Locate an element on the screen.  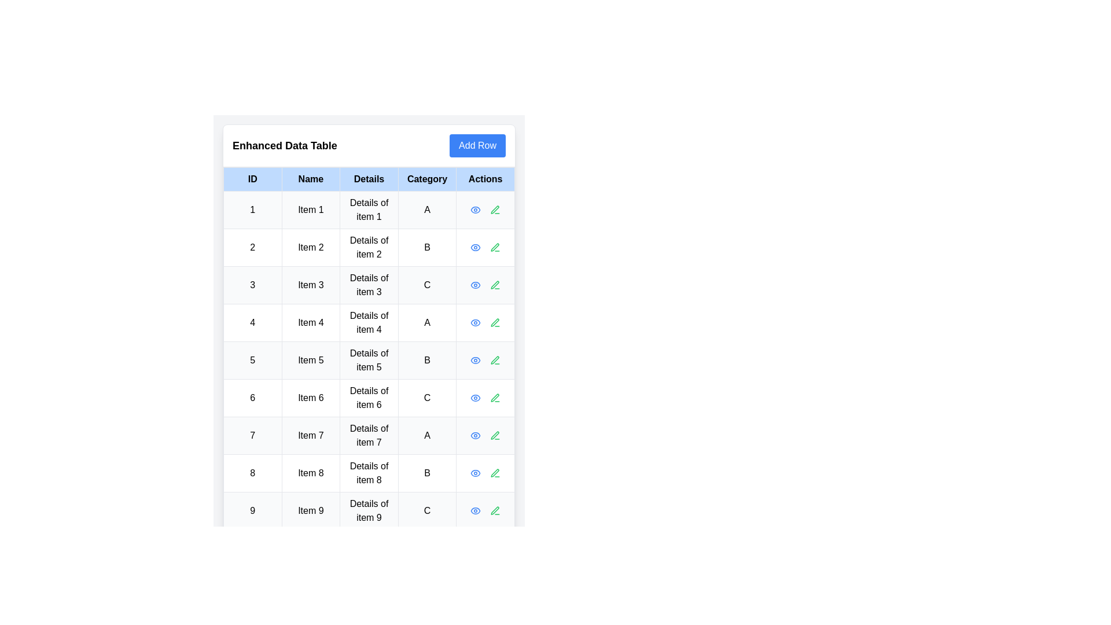
the static text element displaying 'Details of item 8' in the eighth row of the table is located at coordinates (369, 473).